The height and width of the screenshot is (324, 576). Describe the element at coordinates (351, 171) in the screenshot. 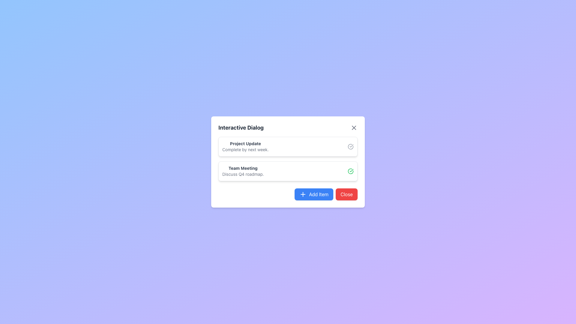

I see `the SVG Icon (Completion Indicator) located at the top-right corner of the 'Team Meeting' card to visually indicate the completion status of the task` at that location.